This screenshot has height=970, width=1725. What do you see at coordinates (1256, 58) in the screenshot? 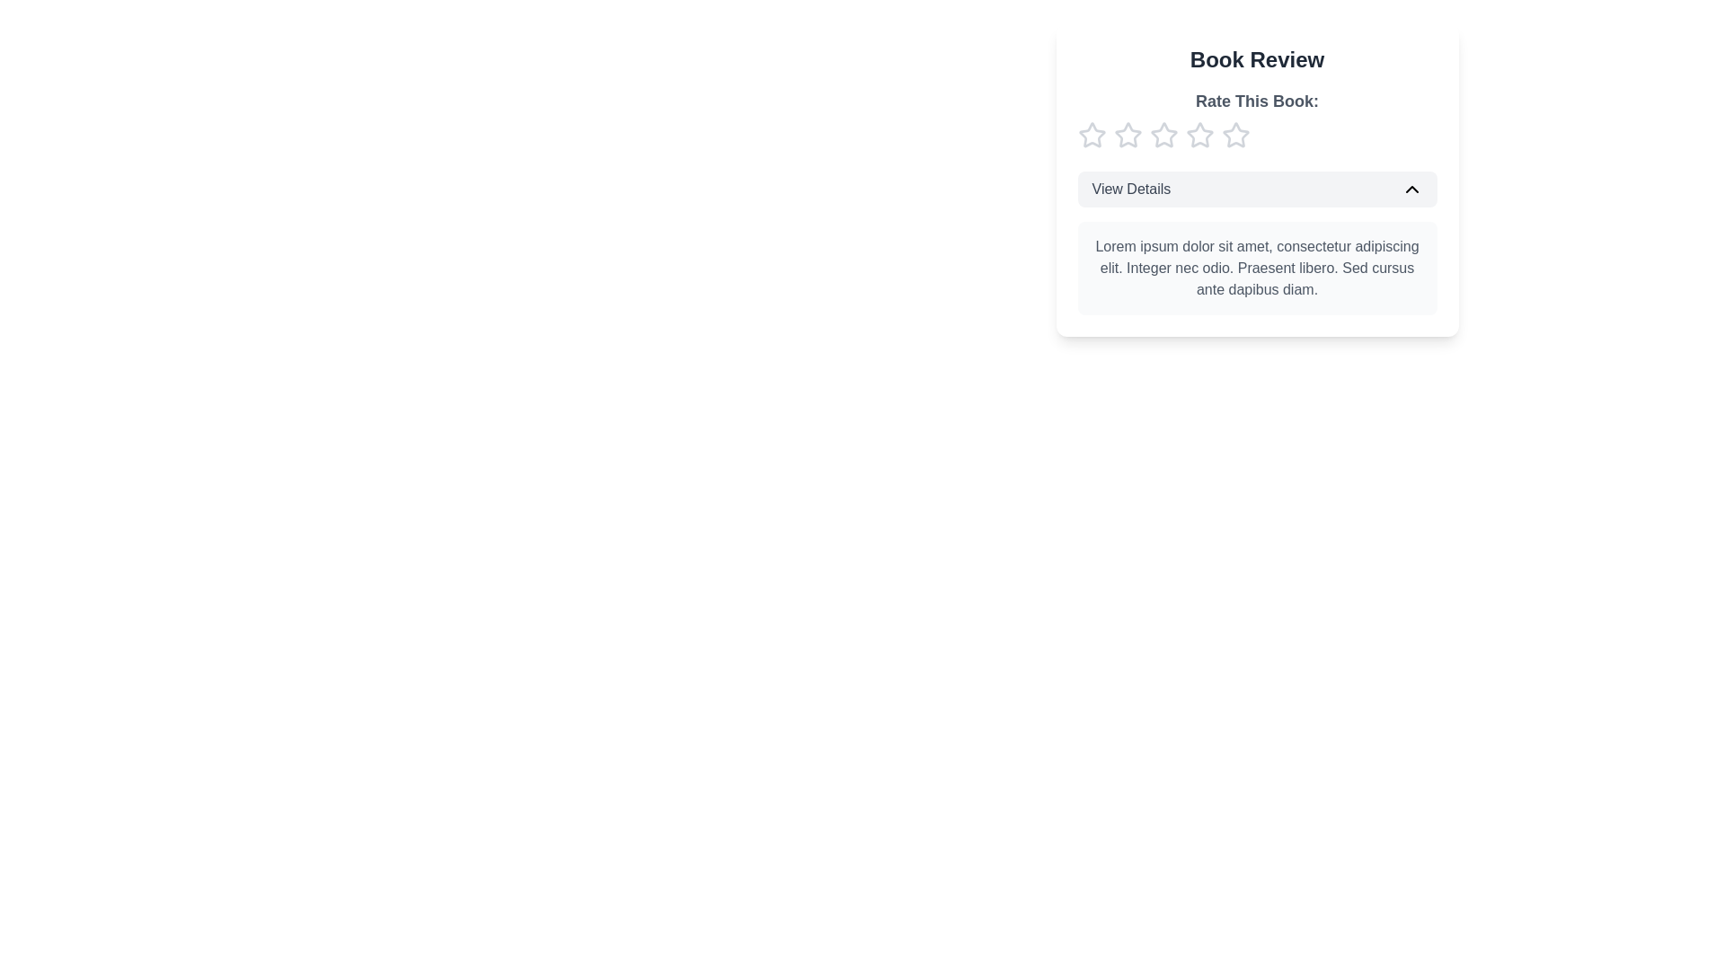
I see `the text label styled as a heading, which serves as the header title labeled 'Book Review'` at bounding box center [1256, 58].